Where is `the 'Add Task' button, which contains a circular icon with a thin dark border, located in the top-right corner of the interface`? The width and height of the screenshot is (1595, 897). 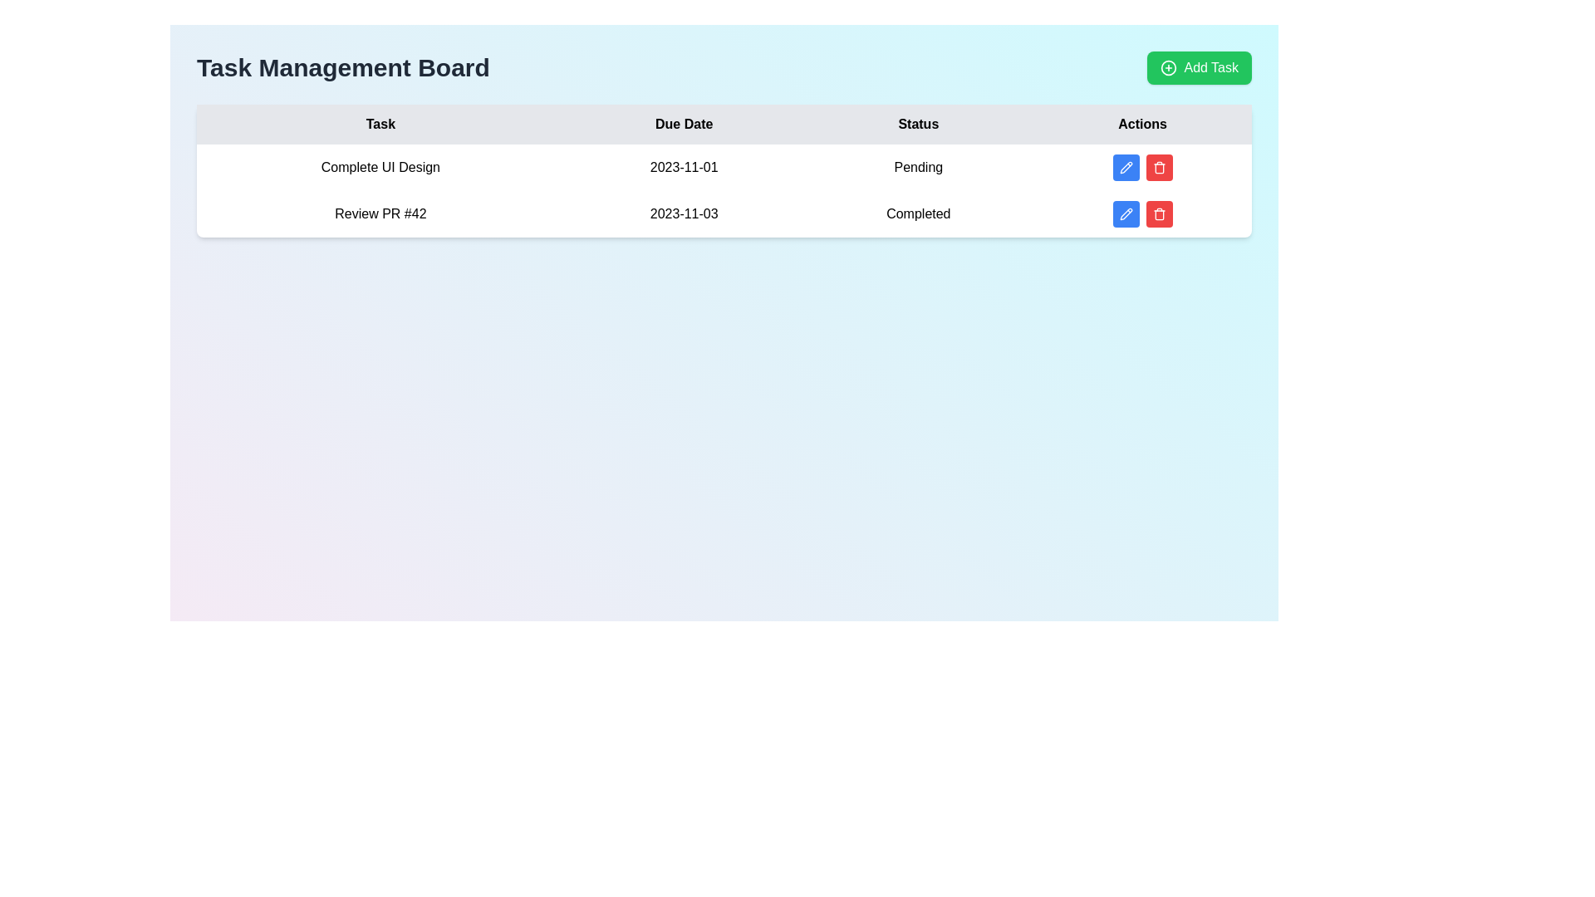 the 'Add Task' button, which contains a circular icon with a thin dark border, located in the top-right corner of the interface is located at coordinates (1168, 66).